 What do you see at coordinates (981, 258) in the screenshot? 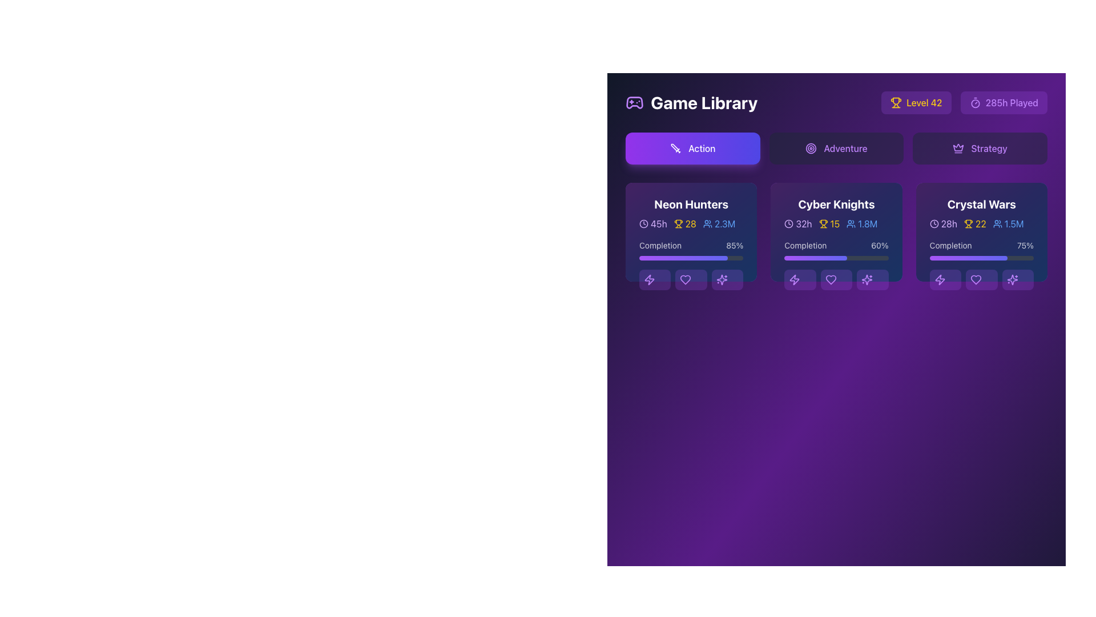
I see `the progress representation of the horizontal progress bar located near the bottom of the 'Crystal Wars' card in the game library section, below the 'Completion' label and '75%' text` at bounding box center [981, 258].